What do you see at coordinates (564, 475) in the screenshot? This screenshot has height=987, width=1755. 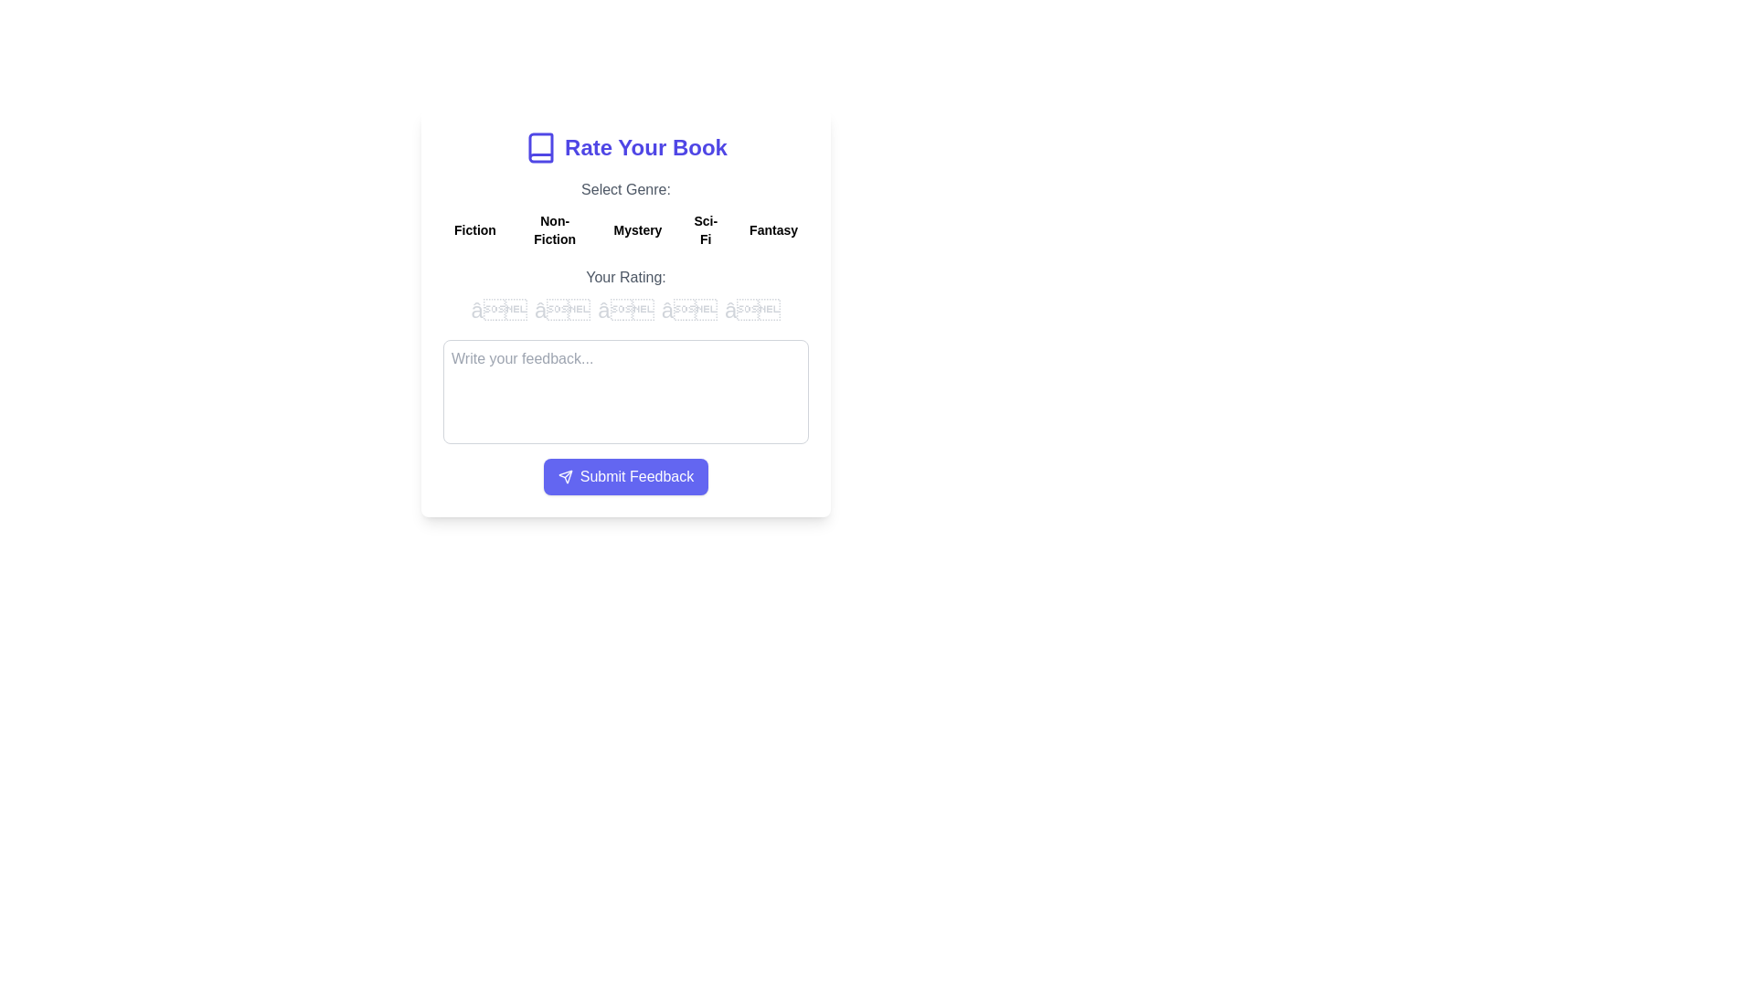 I see `the paper plane icon on the left side of the 'Submit Feedback' button` at bounding box center [564, 475].